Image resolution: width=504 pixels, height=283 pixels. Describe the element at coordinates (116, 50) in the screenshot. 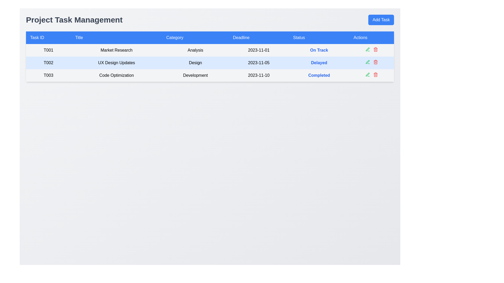

I see `the 'Market Research' text label, which is centered in a white background cell, located in the 'Title' column of the row associated with 'Task ID' T001` at that location.